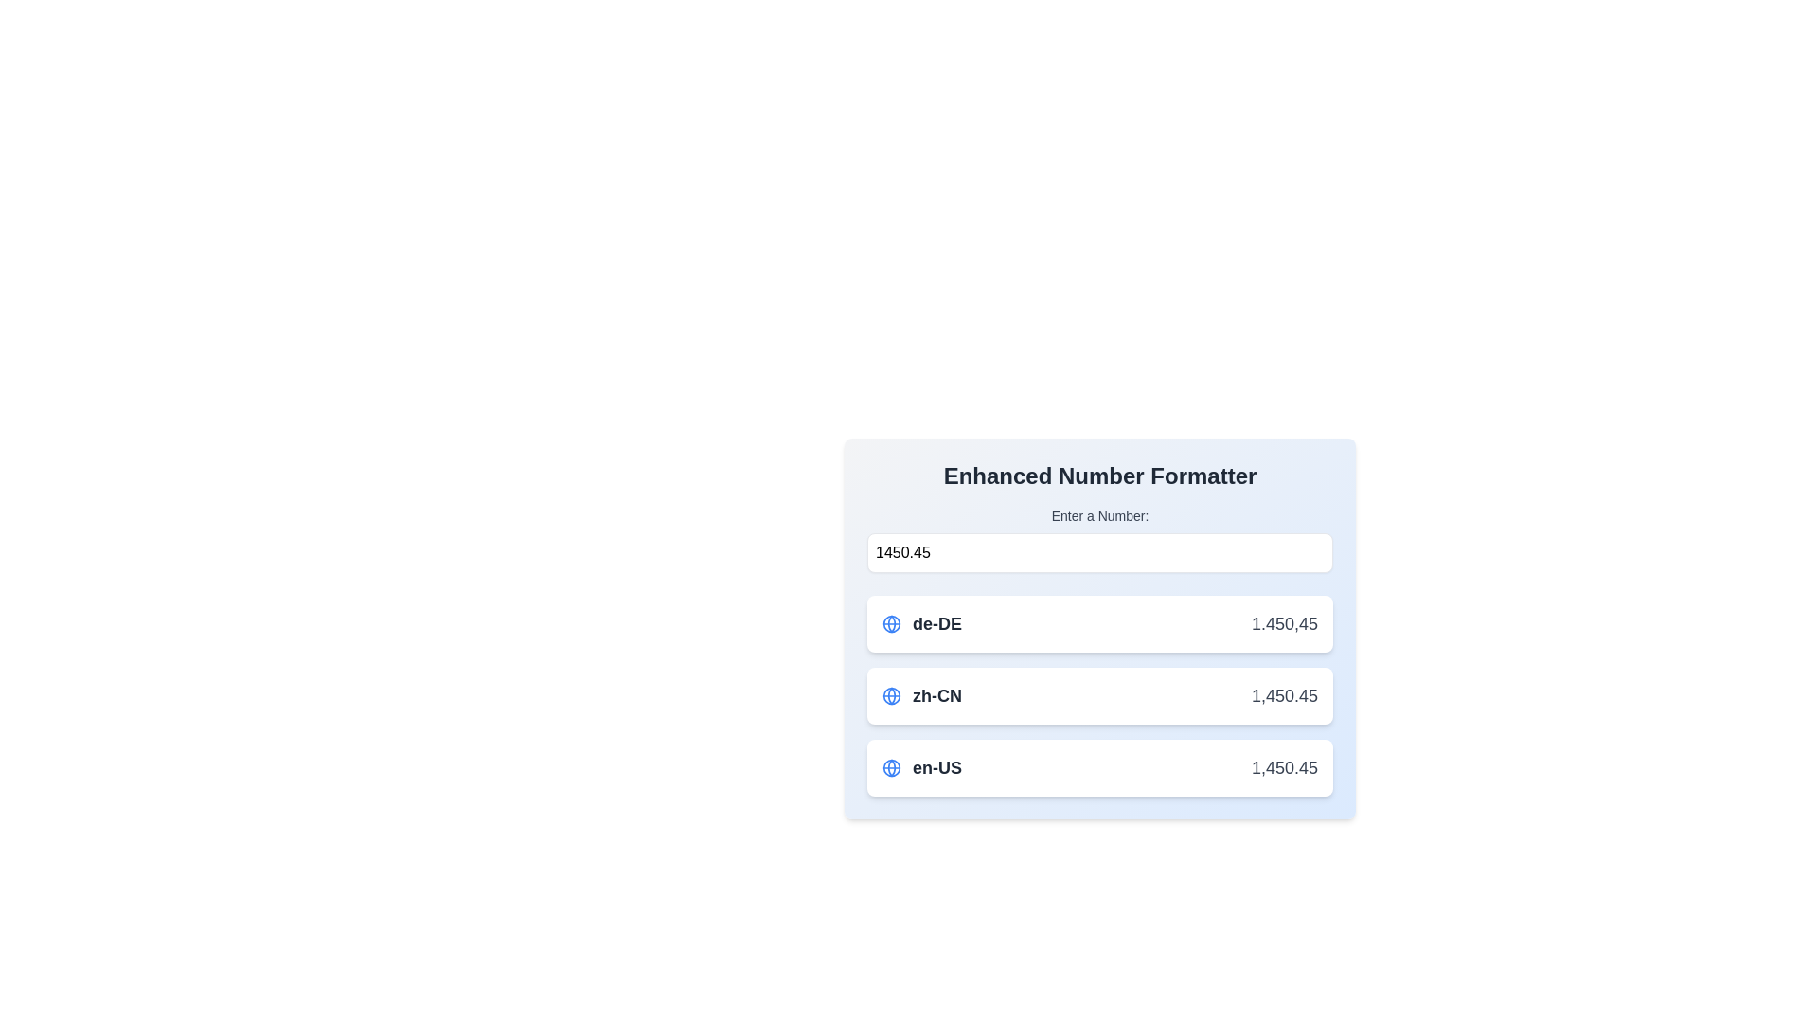 This screenshot has height=1023, width=1818. I want to click on number displayed, which is '1,450.45', located beside the label 'en-US' in the Enhanced Number Formatter section, so click(1284, 767).